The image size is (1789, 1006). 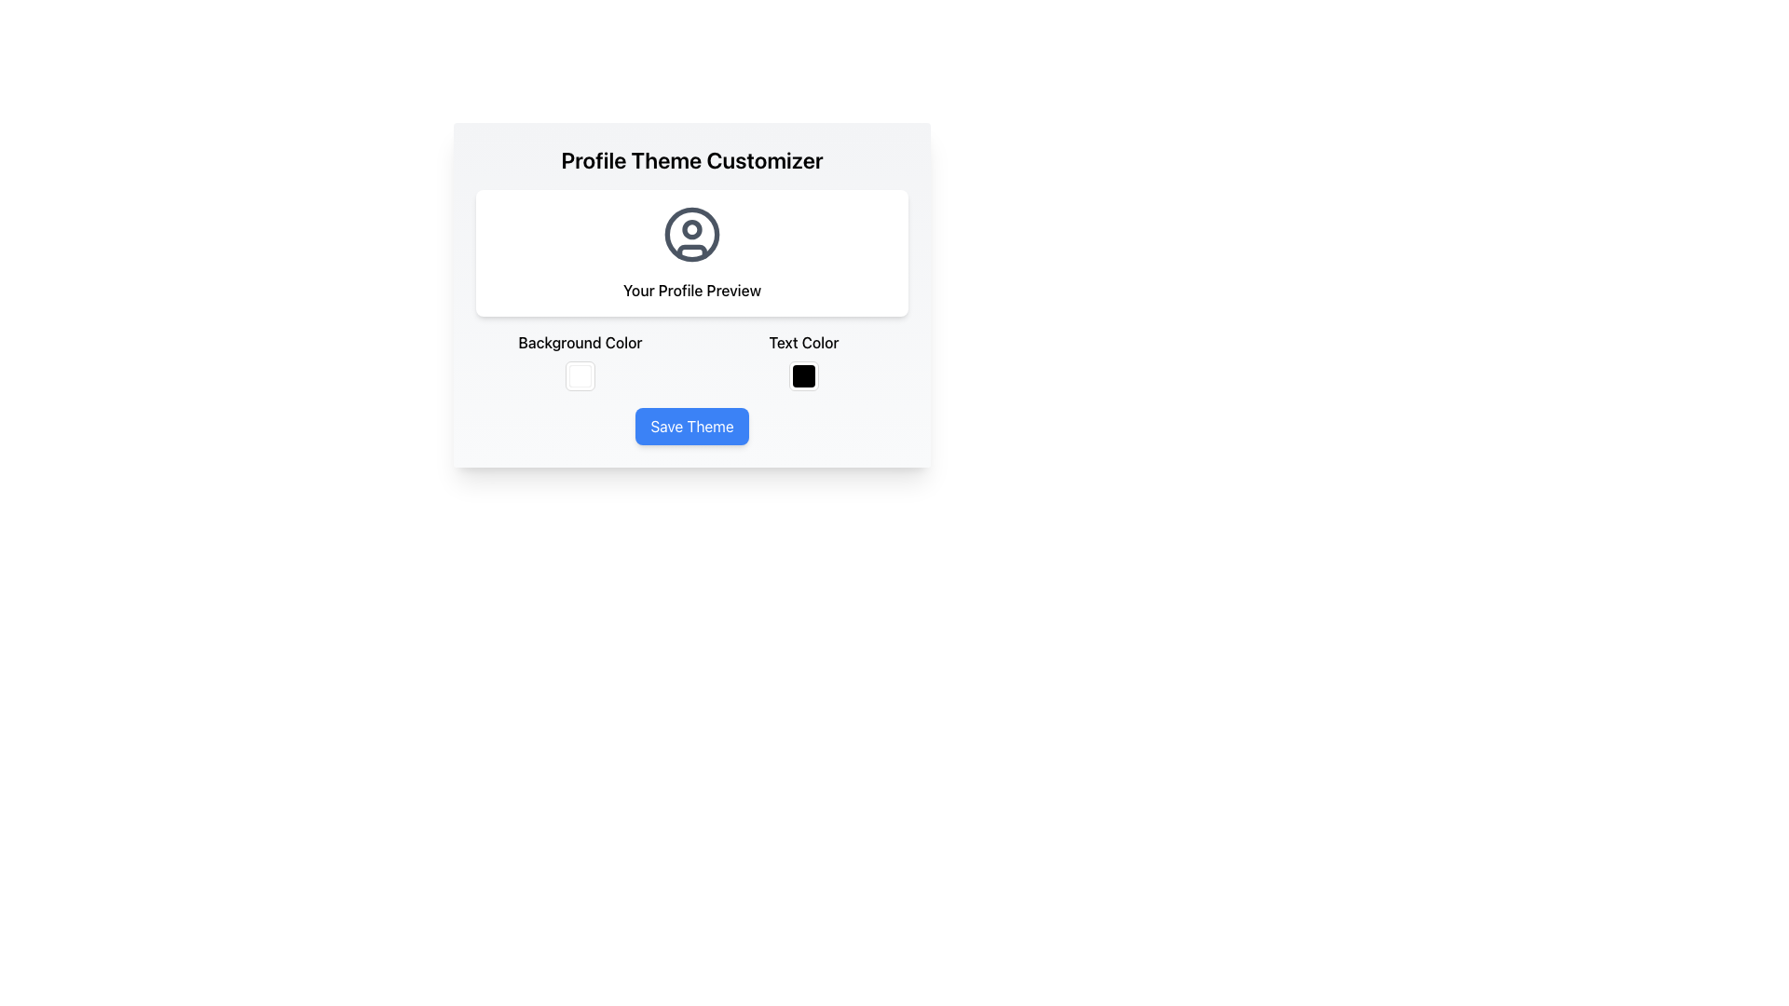 I want to click on the color picker trigger element located below the 'Profile Theme Customizer' section, to the right of the 'Text Color' label, so click(x=804, y=376).